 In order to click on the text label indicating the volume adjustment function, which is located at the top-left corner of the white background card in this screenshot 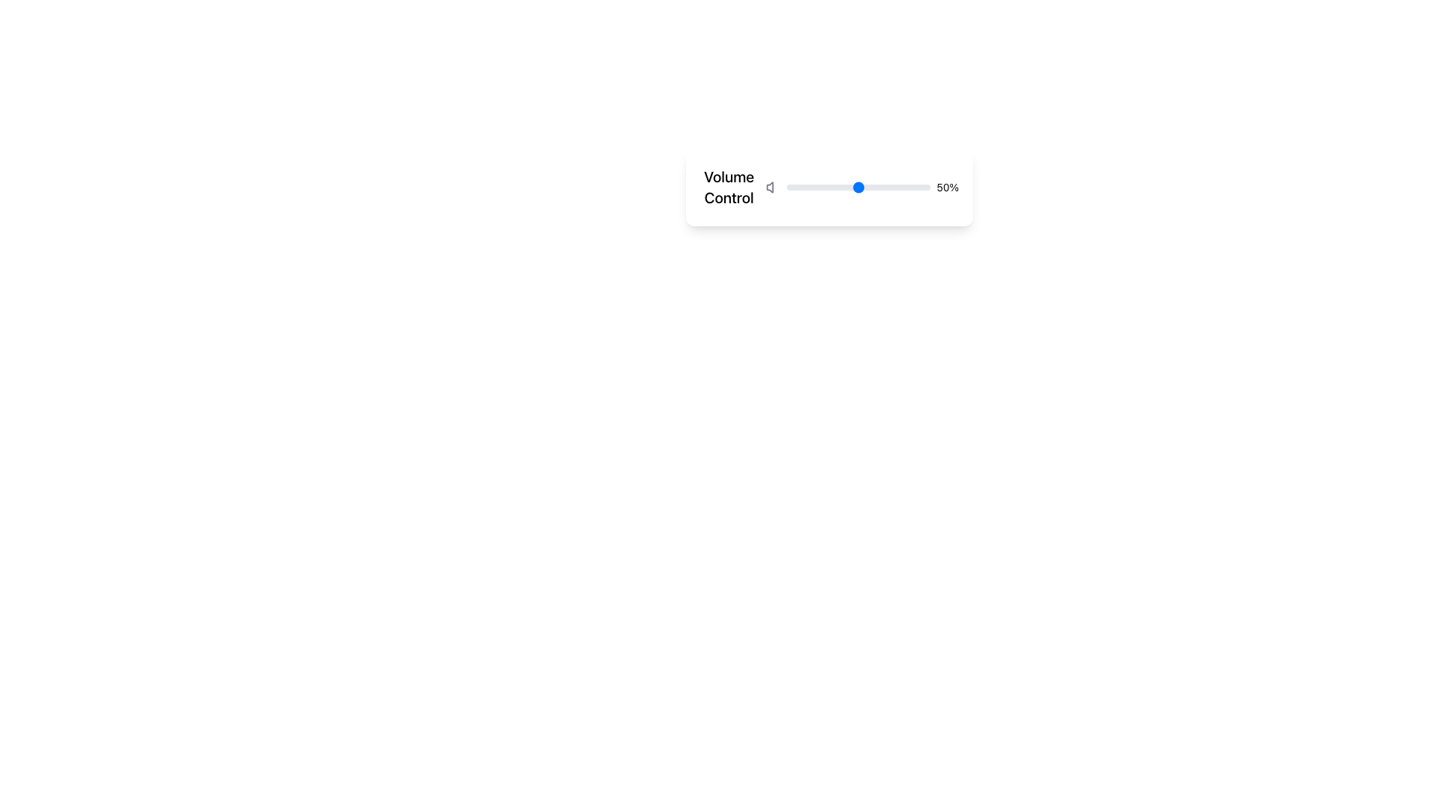, I will do `click(729, 186)`.